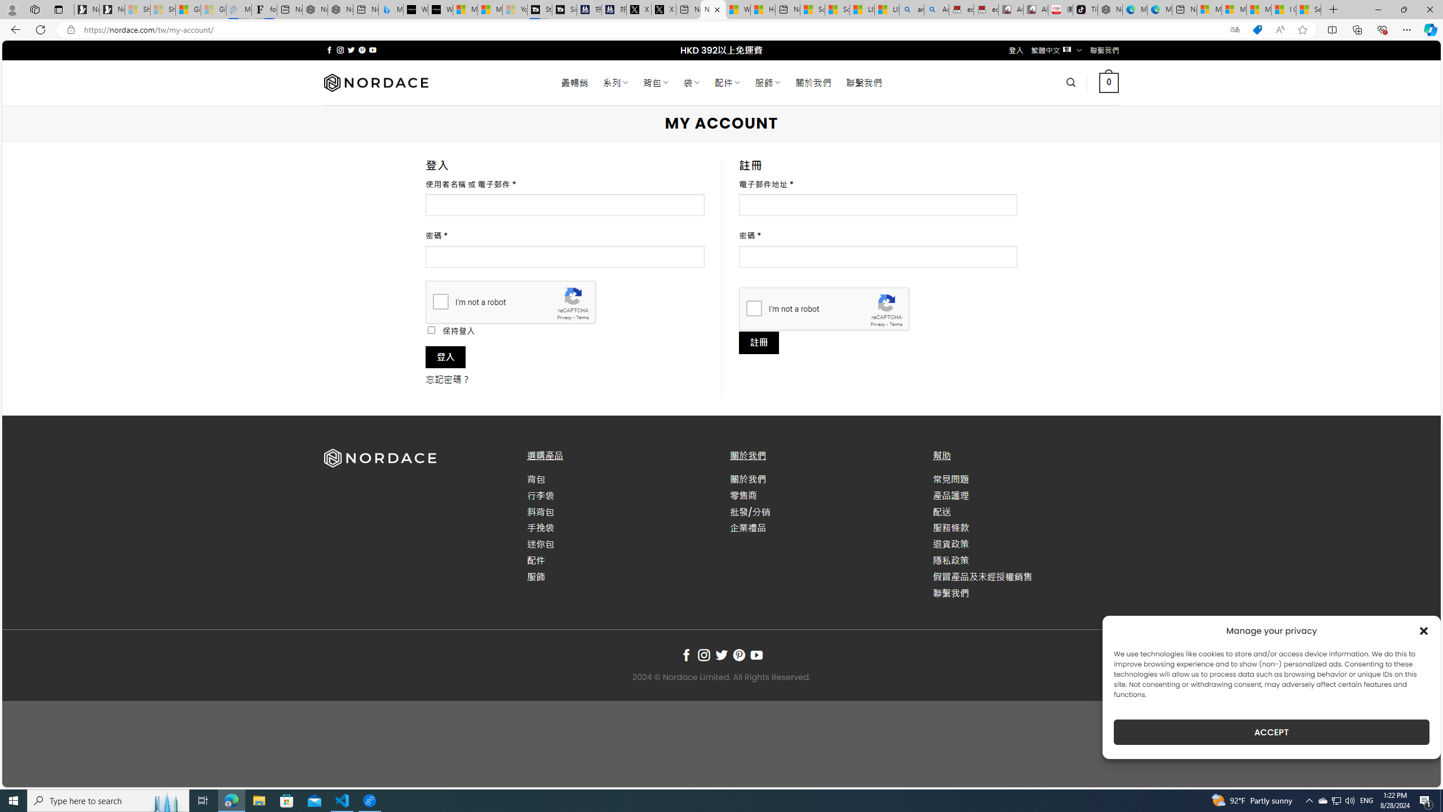  Describe the element at coordinates (896, 324) in the screenshot. I see `'Terms'` at that location.